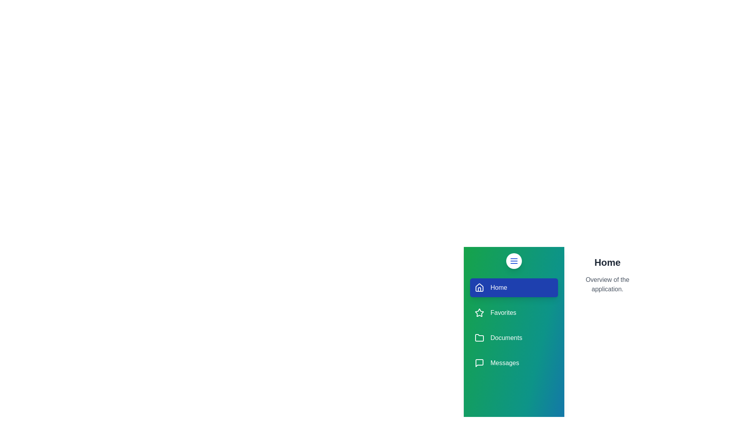 The height and width of the screenshot is (424, 754). What do you see at coordinates (514, 363) in the screenshot?
I see `the Messages section in the drawer menu to highlight it` at bounding box center [514, 363].